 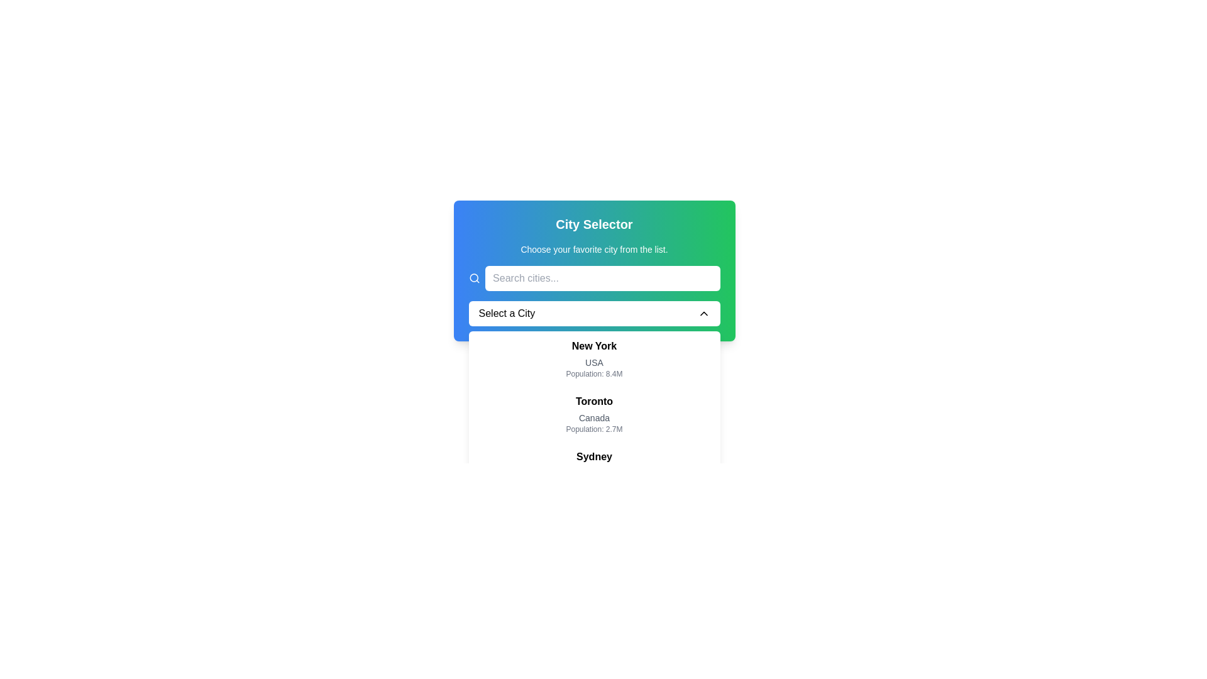 I want to click on text label displaying the city's name 'Sydney', which is the top-most title in the 'City Selector' dropdown section, so click(x=593, y=456).